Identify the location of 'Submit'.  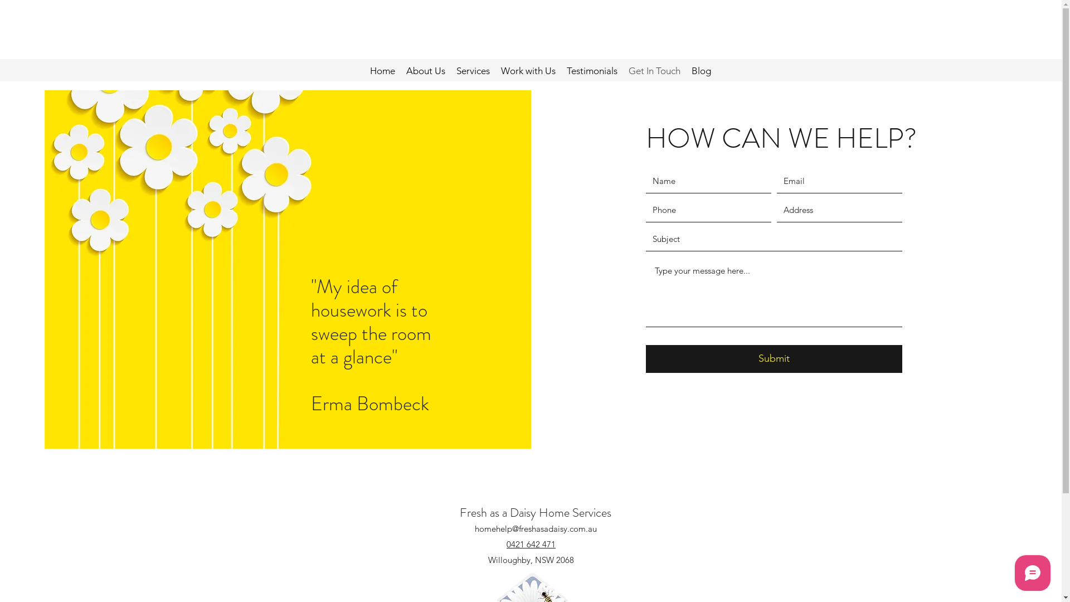
(773, 359).